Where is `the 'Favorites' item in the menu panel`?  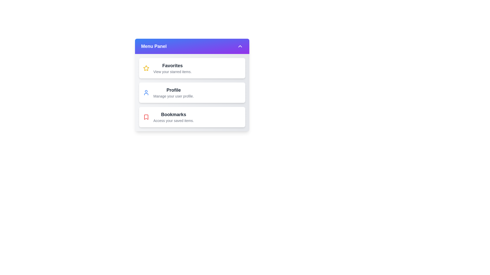
the 'Favorites' item in the menu panel is located at coordinates (192, 68).